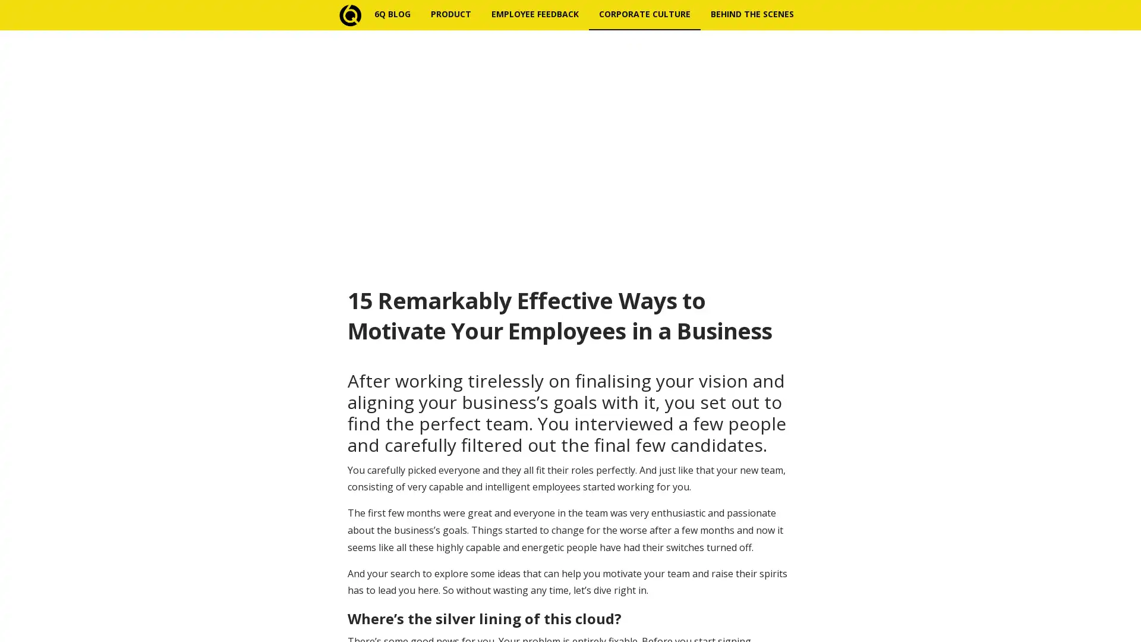 The image size is (1141, 642). What do you see at coordinates (701, 625) in the screenshot?
I see `Subscribe` at bounding box center [701, 625].